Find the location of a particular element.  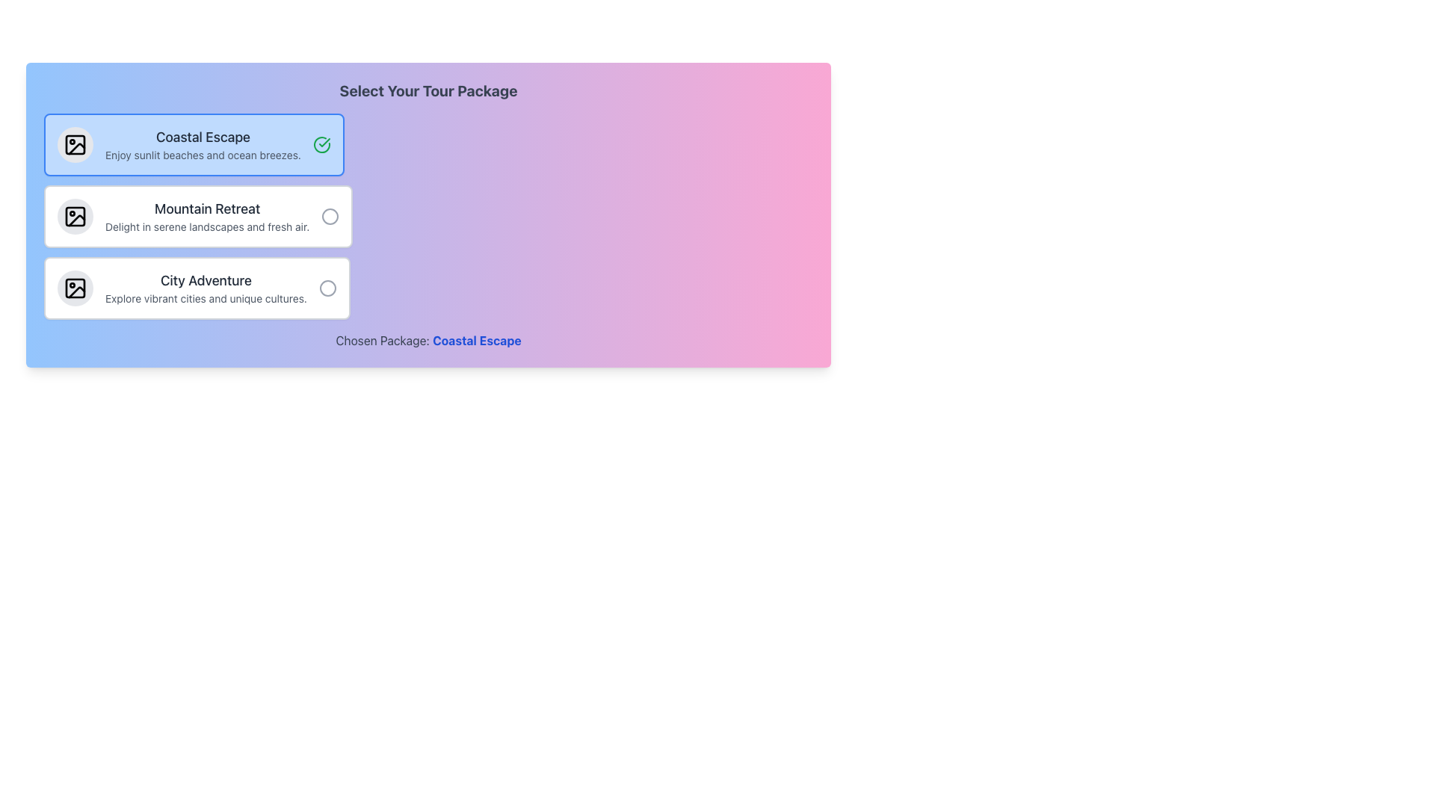

the static text that reads 'Delight in serene landscapes and fresh air.' which is located below the title 'Mountain Retreat' in the second option card of the vertical list of tour packages is located at coordinates (206, 227).